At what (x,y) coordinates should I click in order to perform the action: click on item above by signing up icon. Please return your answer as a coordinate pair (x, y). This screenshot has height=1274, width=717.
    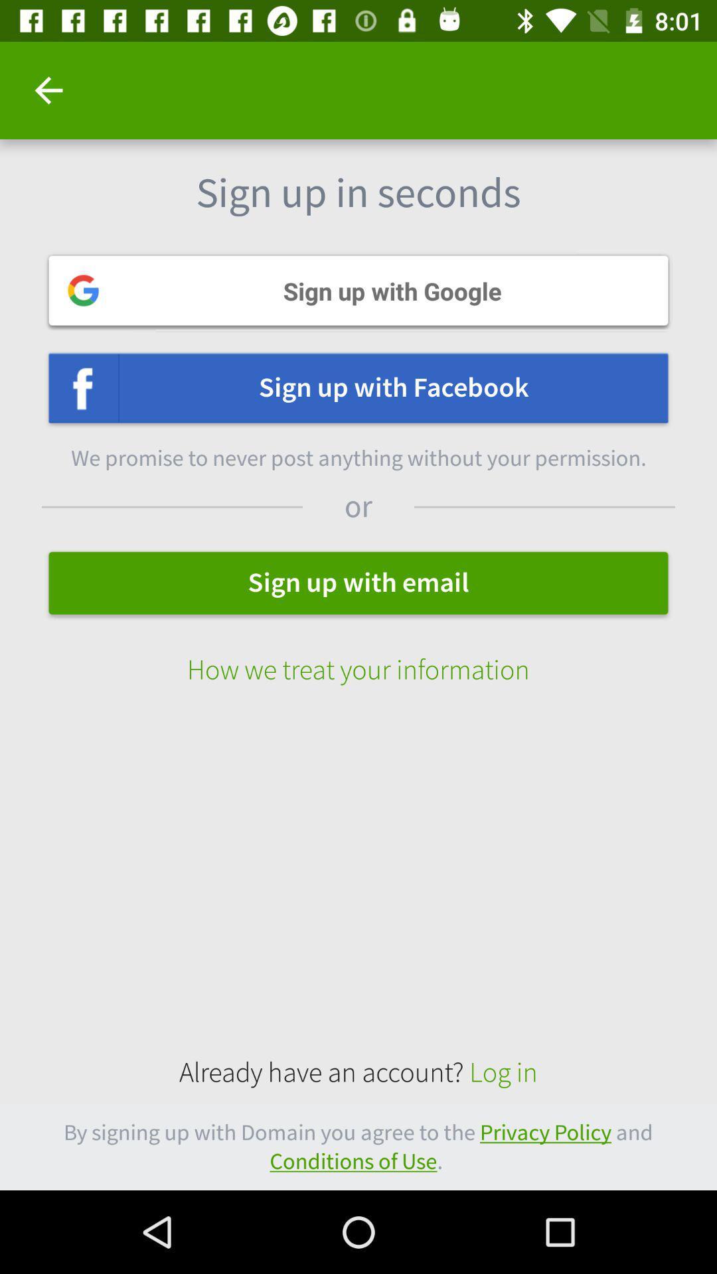
    Looking at the image, I should click on (358, 1073).